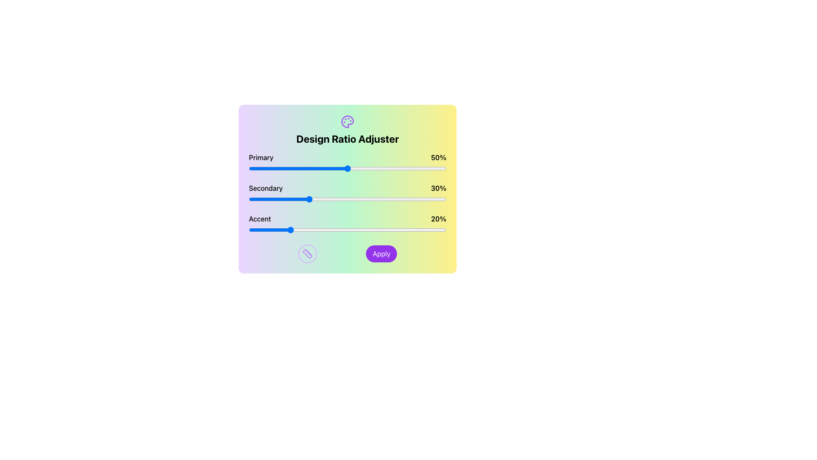 The image size is (817, 460). What do you see at coordinates (268, 199) in the screenshot?
I see `the slider` at bounding box center [268, 199].